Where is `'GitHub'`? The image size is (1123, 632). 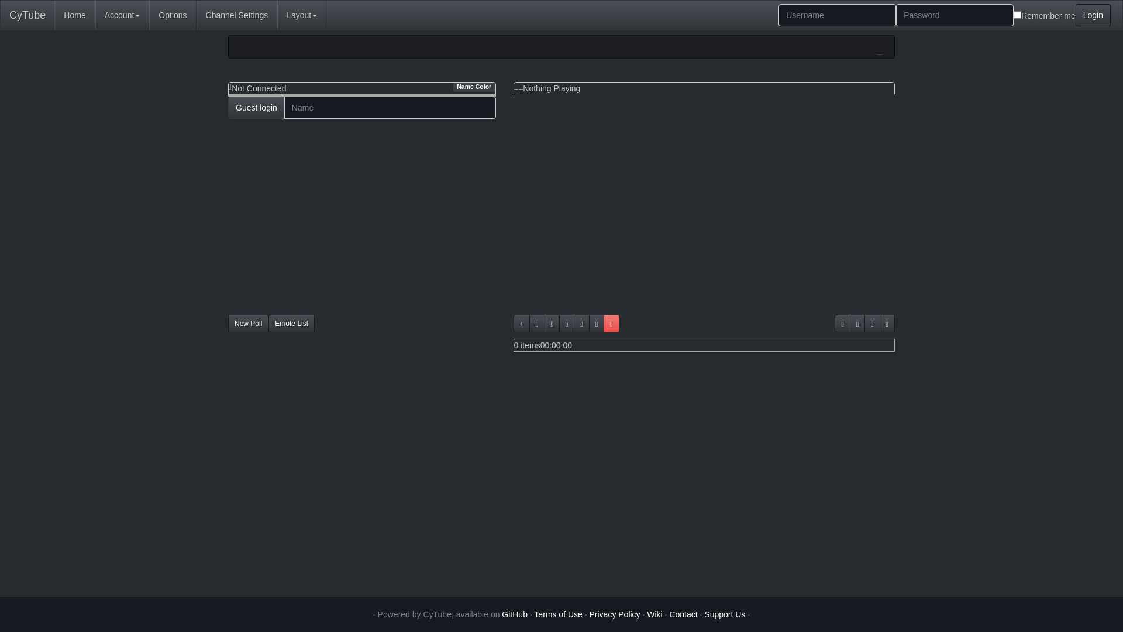 'GitHub' is located at coordinates (502, 613).